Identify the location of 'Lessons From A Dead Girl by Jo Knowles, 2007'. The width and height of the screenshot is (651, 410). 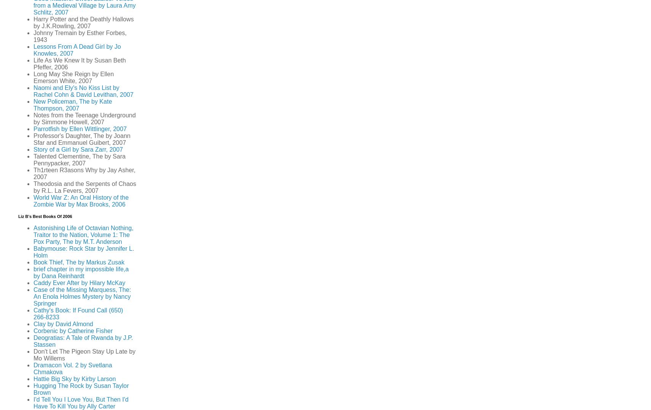
(77, 50).